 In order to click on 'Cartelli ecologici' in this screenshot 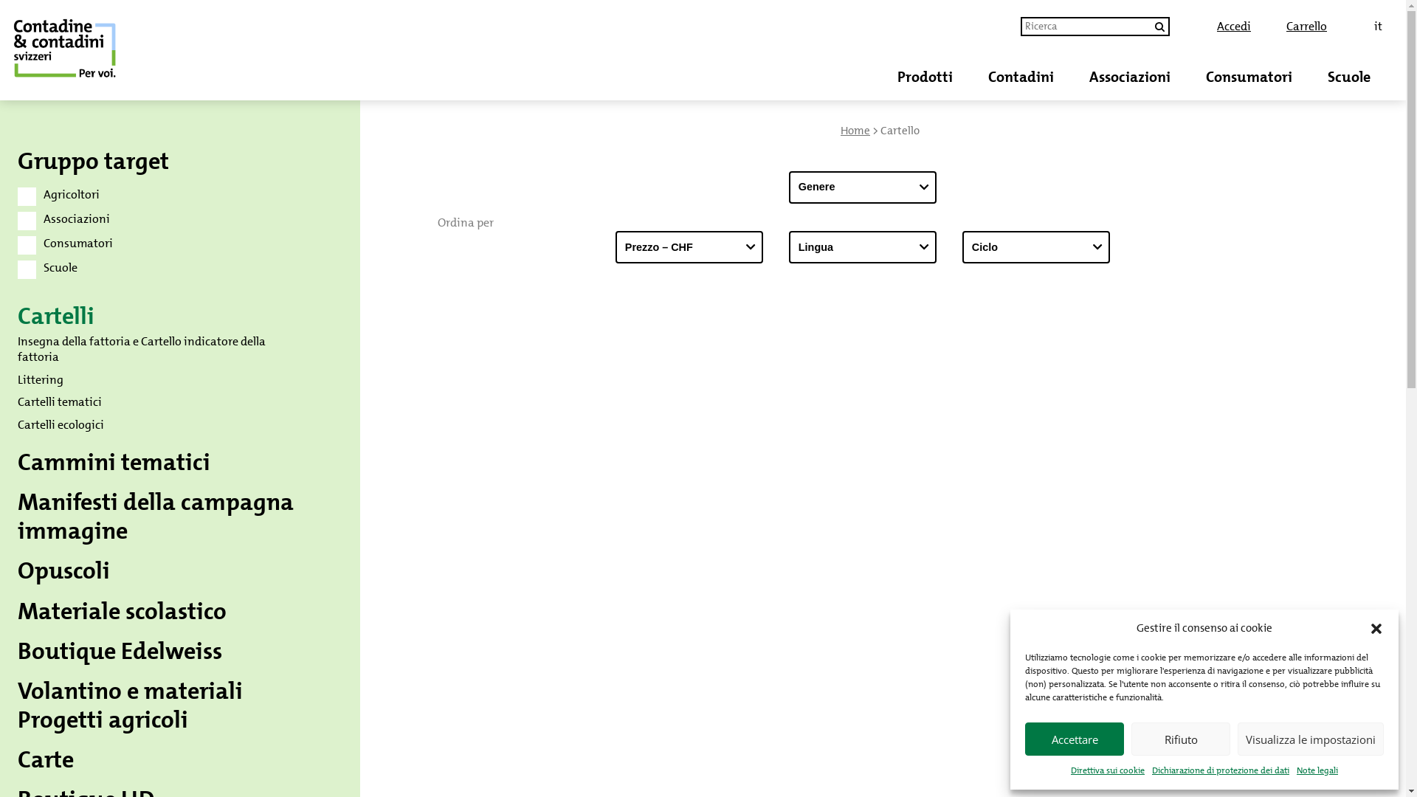, I will do `click(18, 424)`.